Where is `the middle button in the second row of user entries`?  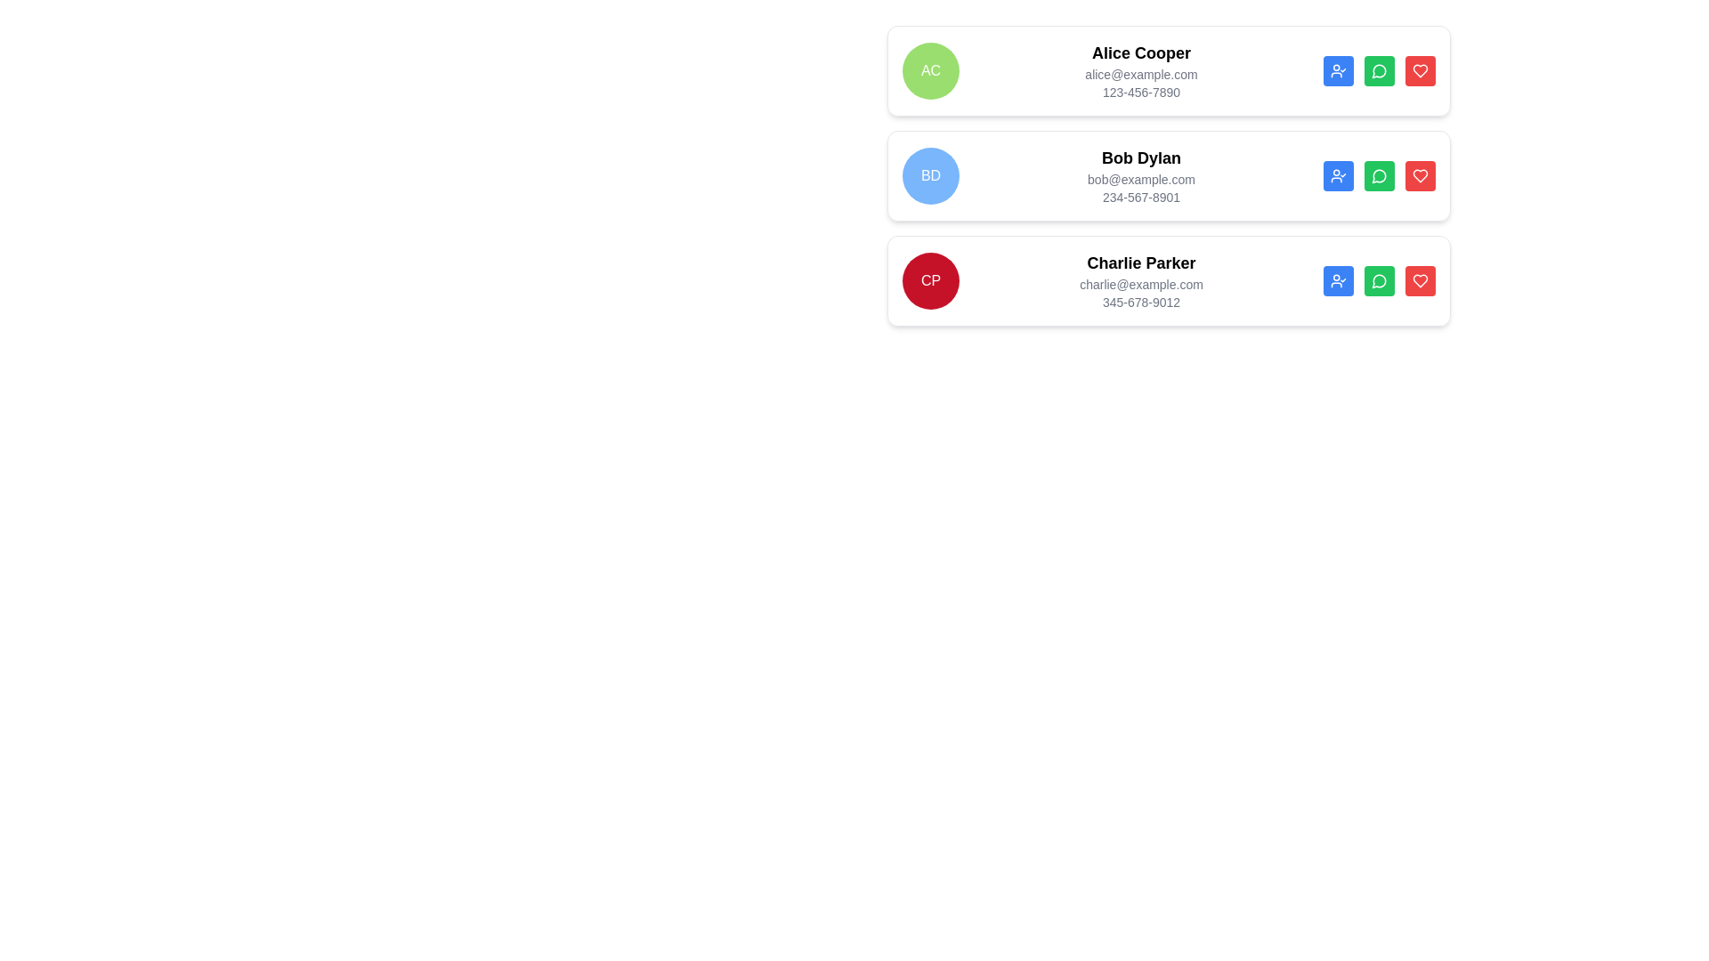 the middle button in the second row of user entries is located at coordinates (1379, 175).